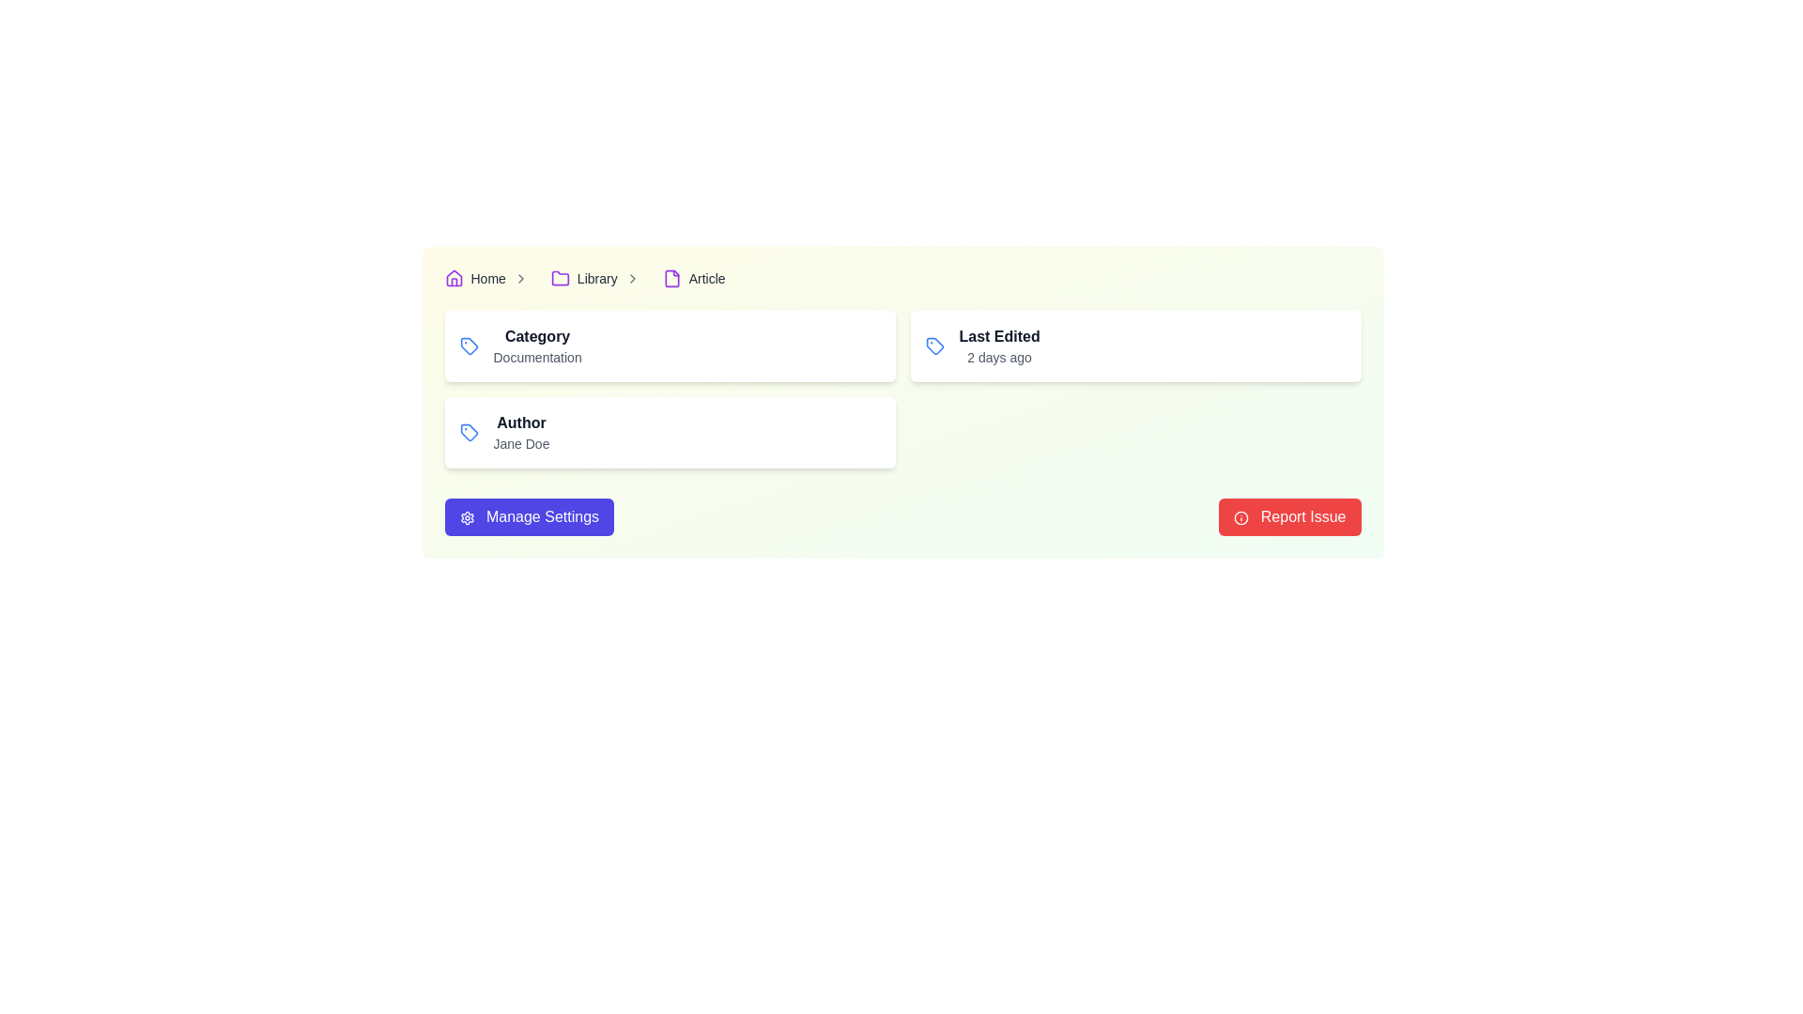 This screenshot has height=1014, width=1803. What do you see at coordinates (1134, 346) in the screenshot?
I see `the static informational block in the top-right corner of the section that displays metadata about the last modification of a resource, specifically the second item in a two-column grid layout` at bounding box center [1134, 346].